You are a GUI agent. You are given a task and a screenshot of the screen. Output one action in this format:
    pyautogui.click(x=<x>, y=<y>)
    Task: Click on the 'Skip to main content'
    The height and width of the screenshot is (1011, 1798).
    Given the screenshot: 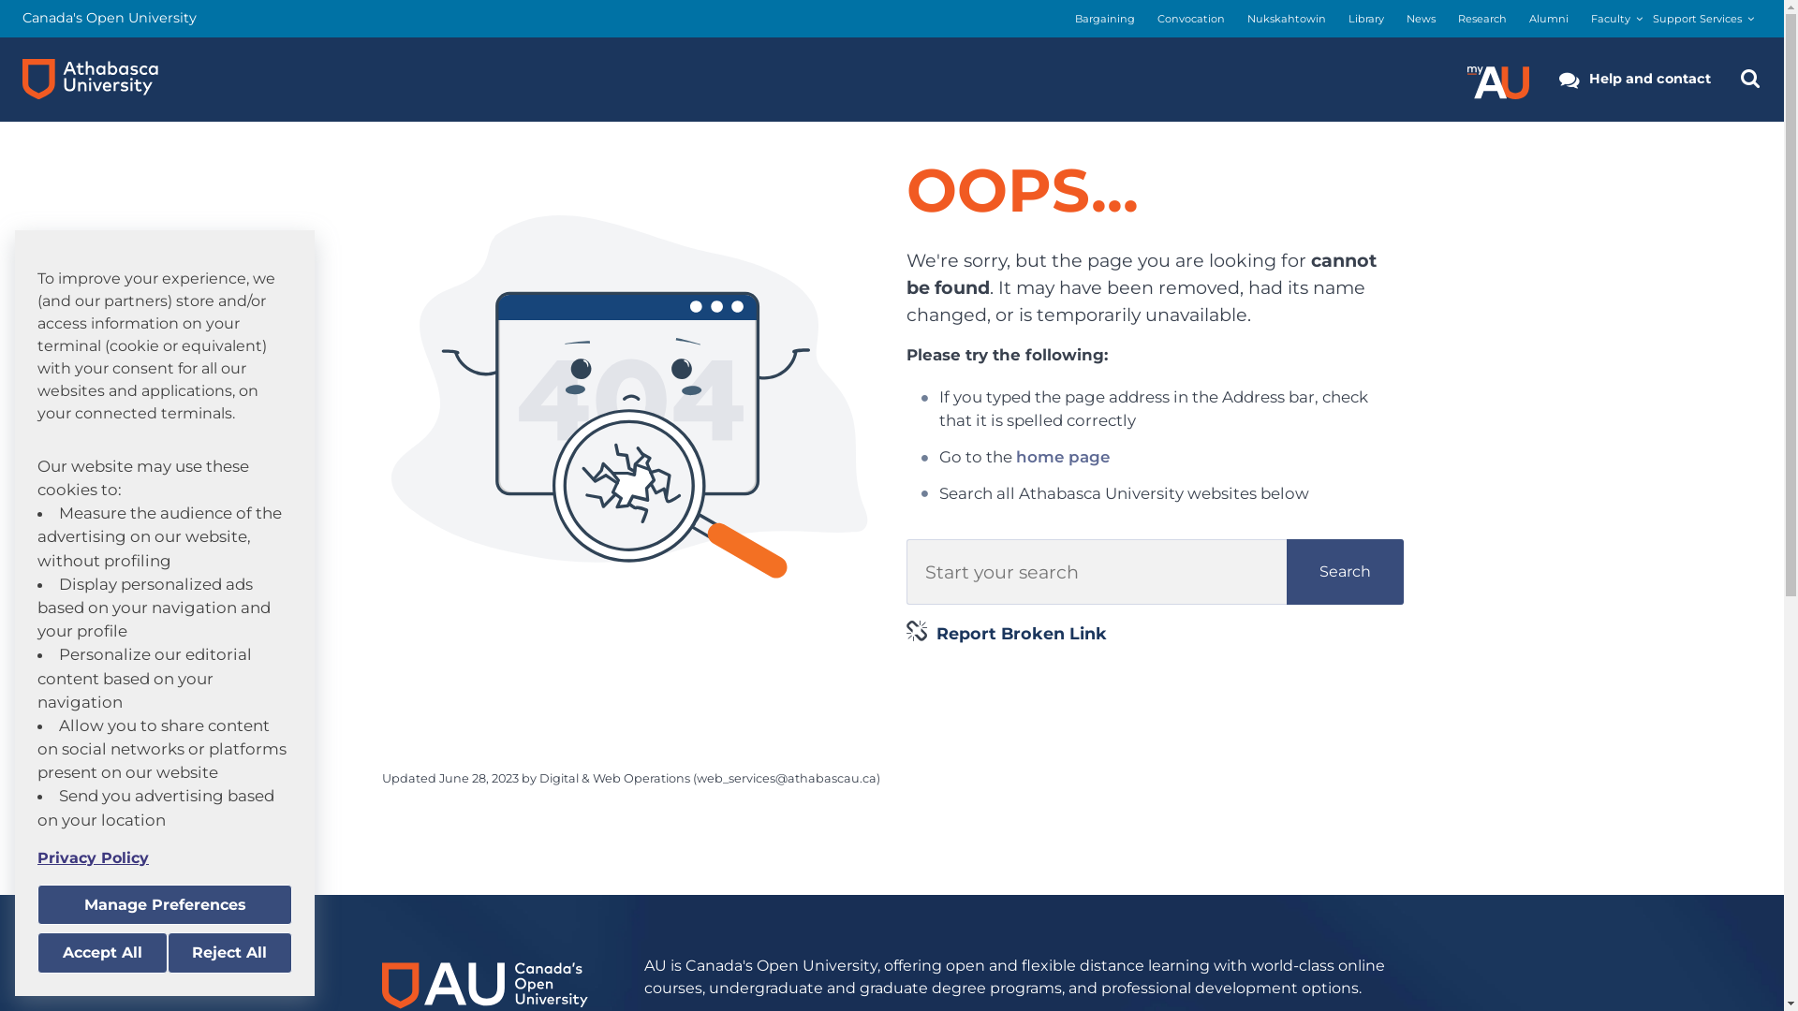 What is the action you would take?
    pyautogui.click(x=0, y=0)
    